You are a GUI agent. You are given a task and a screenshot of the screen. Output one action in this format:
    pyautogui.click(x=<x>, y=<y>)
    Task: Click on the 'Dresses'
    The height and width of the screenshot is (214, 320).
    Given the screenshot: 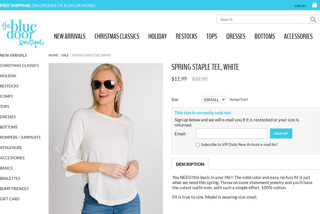 What is the action you would take?
    pyautogui.click(x=8, y=116)
    